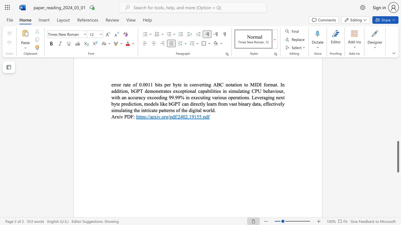  Describe the element at coordinates (398, 134) in the screenshot. I see `the vertical scrollbar to raise the page content` at that location.